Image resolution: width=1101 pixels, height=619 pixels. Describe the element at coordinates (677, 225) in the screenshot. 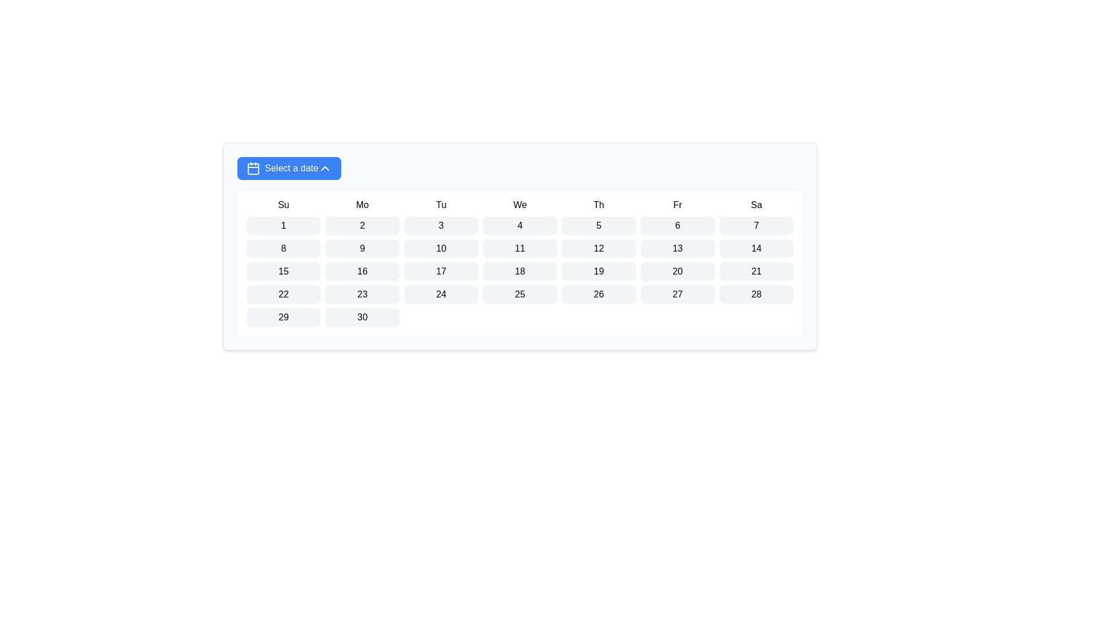

I see `the button that represents the date of the 6th (Friday) in the calendar interface` at that location.